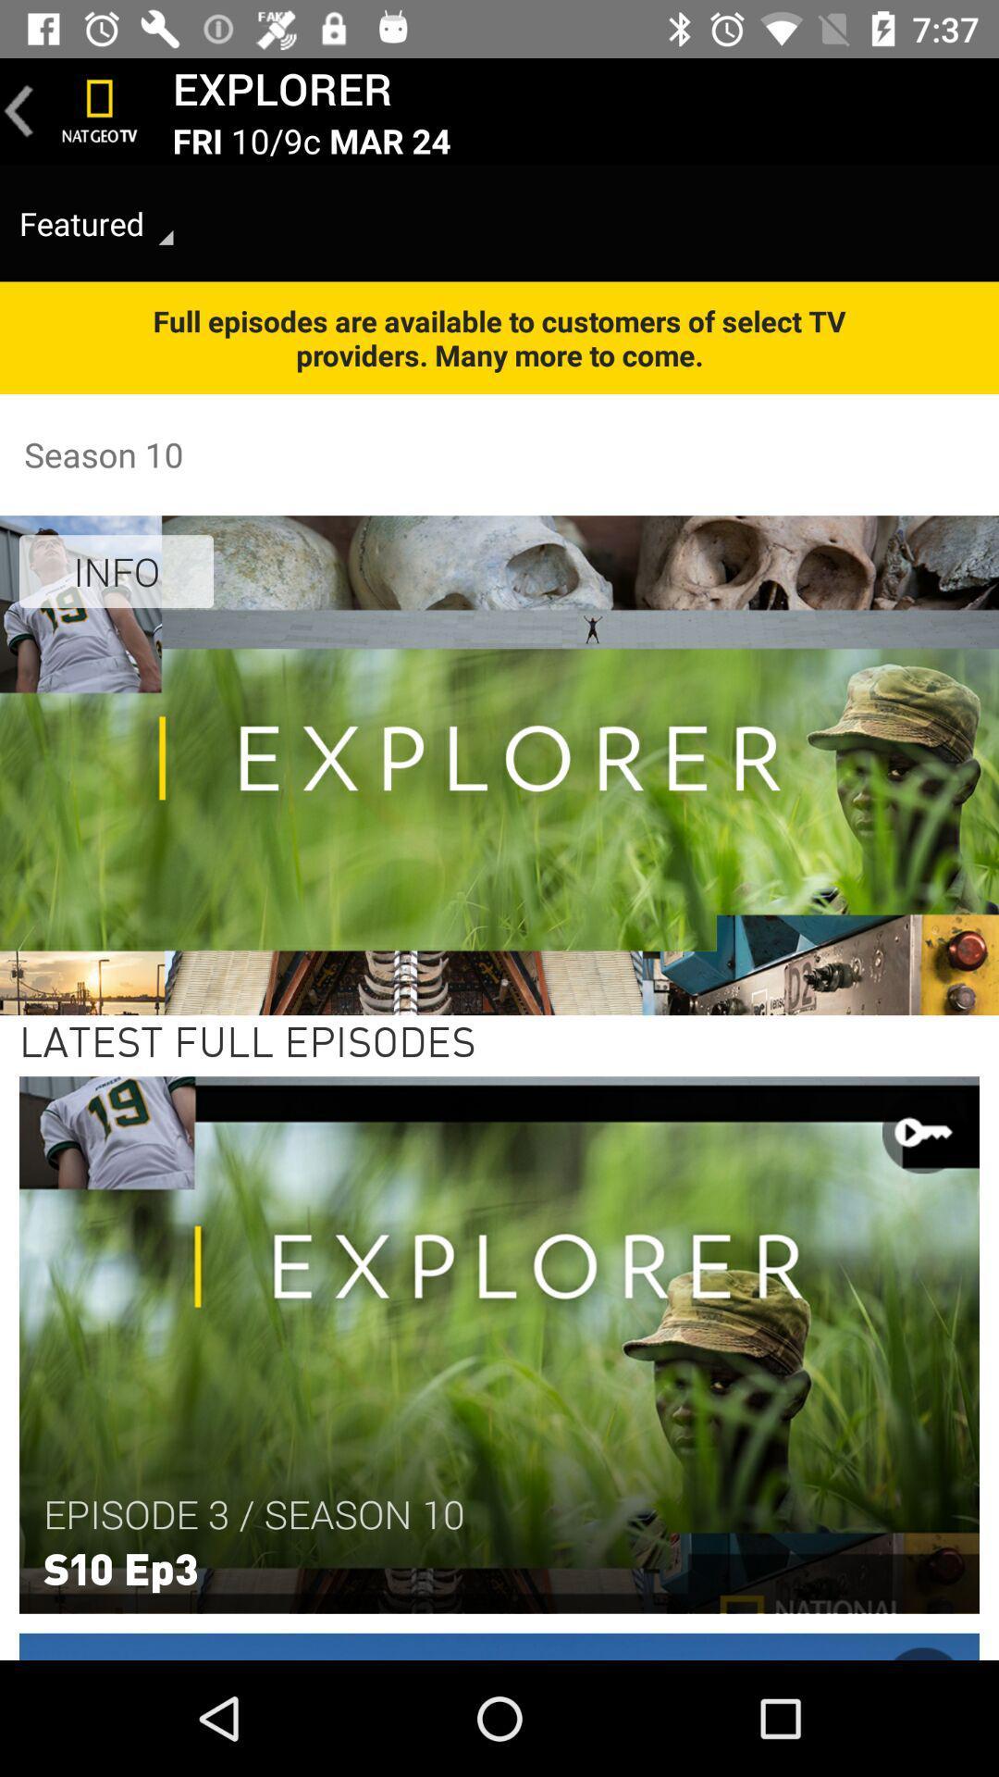 Image resolution: width=999 pixels, height=1777 pixels. What do you see at coordinates (100, 110) in the screenshot?
I see `nat geo tv home option` at bounding box center [100, 110].